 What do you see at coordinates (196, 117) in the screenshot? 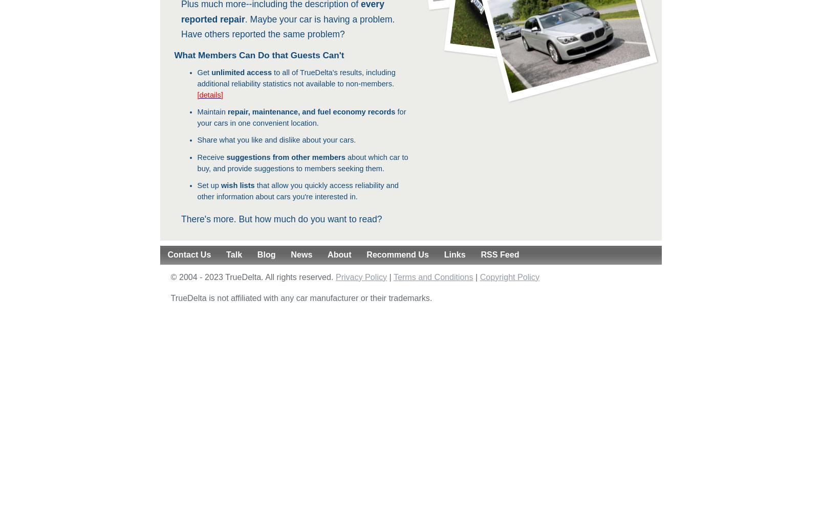
I see `'for your cars in one convenient location.'` at bounding box center [196, 117].